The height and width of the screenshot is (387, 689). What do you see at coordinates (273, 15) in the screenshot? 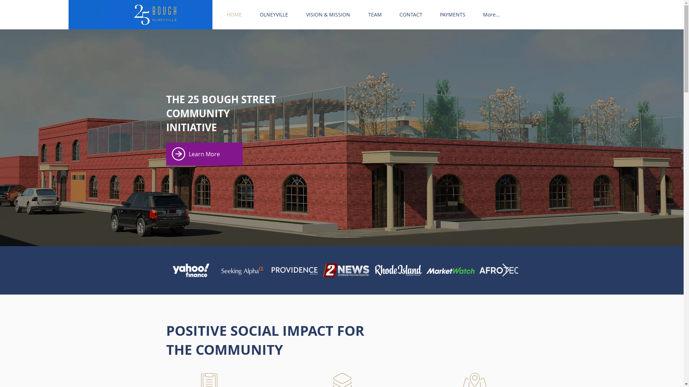
I see `'OLNEYVILLE'` at bounding box center [273, 15].